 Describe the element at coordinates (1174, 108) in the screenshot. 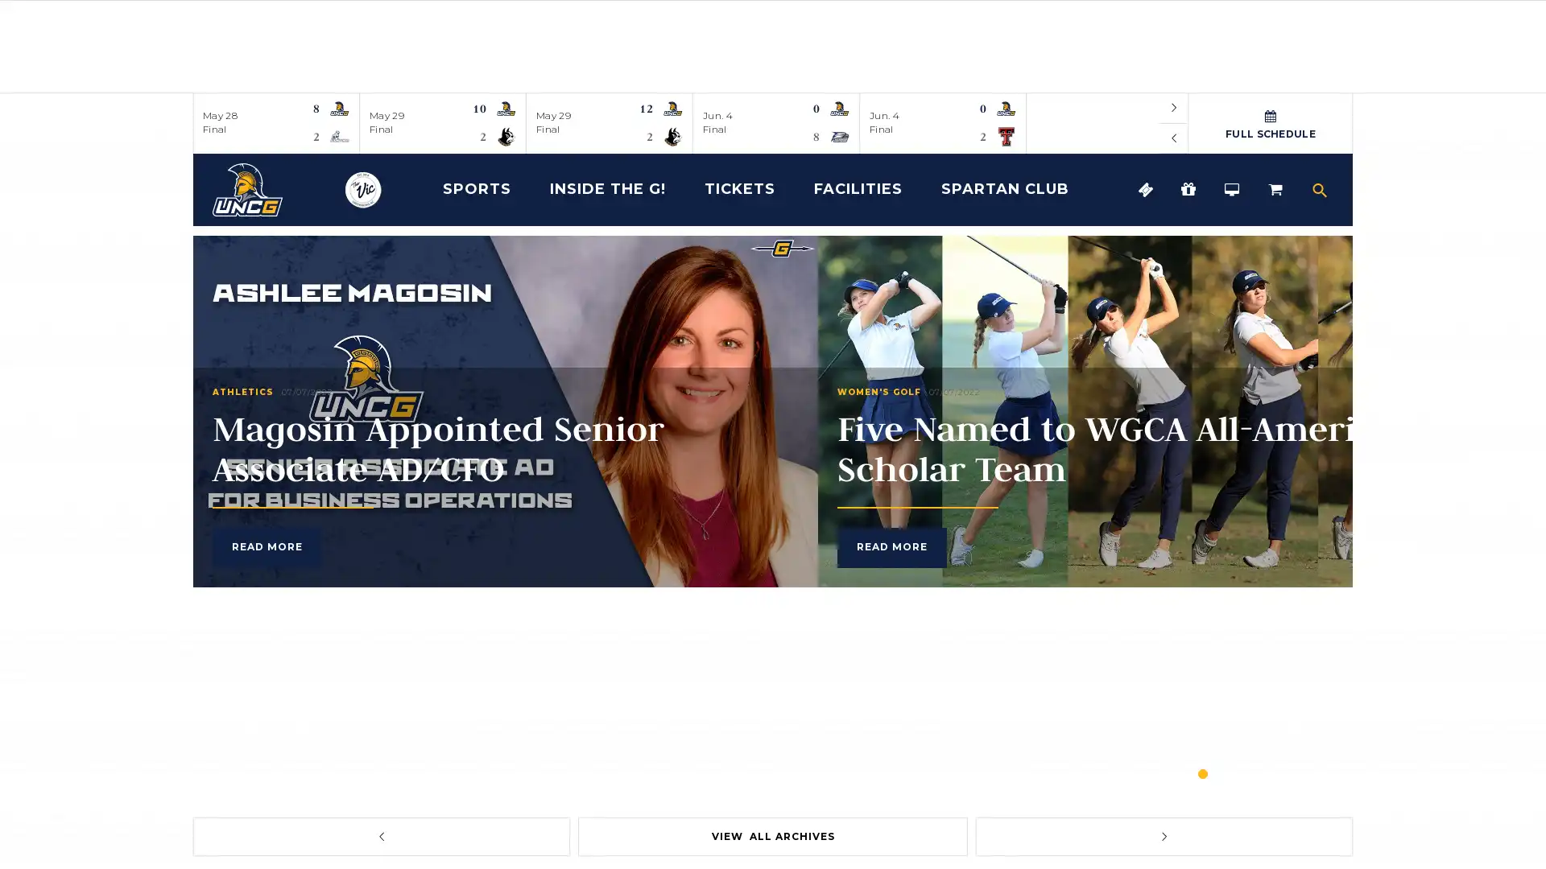

I see `next` at that location.